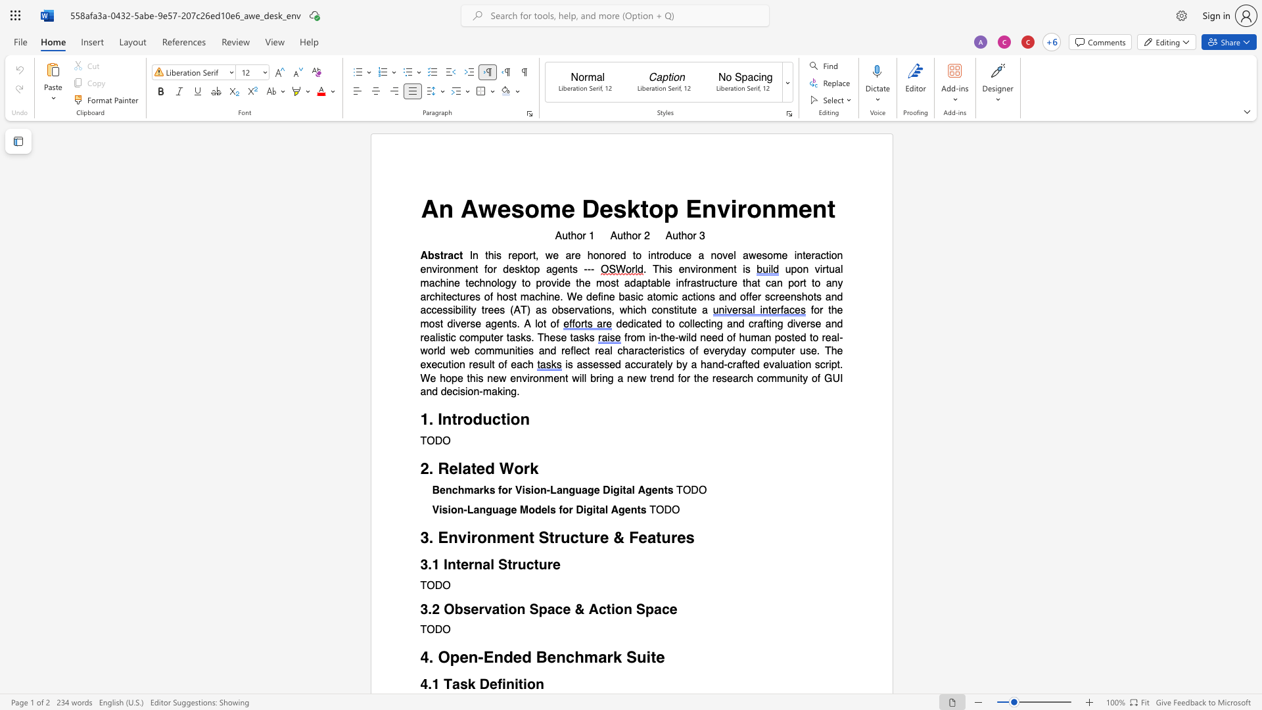  What do you see at coordinates (741, 208) in the screenshot?
I see `the 1th character "r" in the text` at bounding box center [741, 208].